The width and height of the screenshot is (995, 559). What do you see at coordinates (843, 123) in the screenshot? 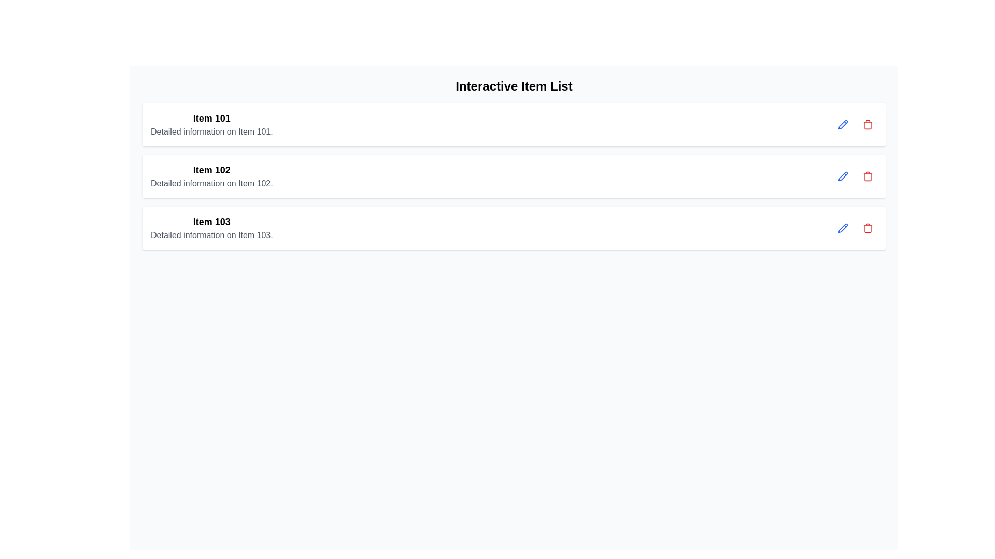
I see `the edit icon button located to the right of the list item labeled 'Item 102' to initiate the editing process for that item` at bounding box center [843, 123].